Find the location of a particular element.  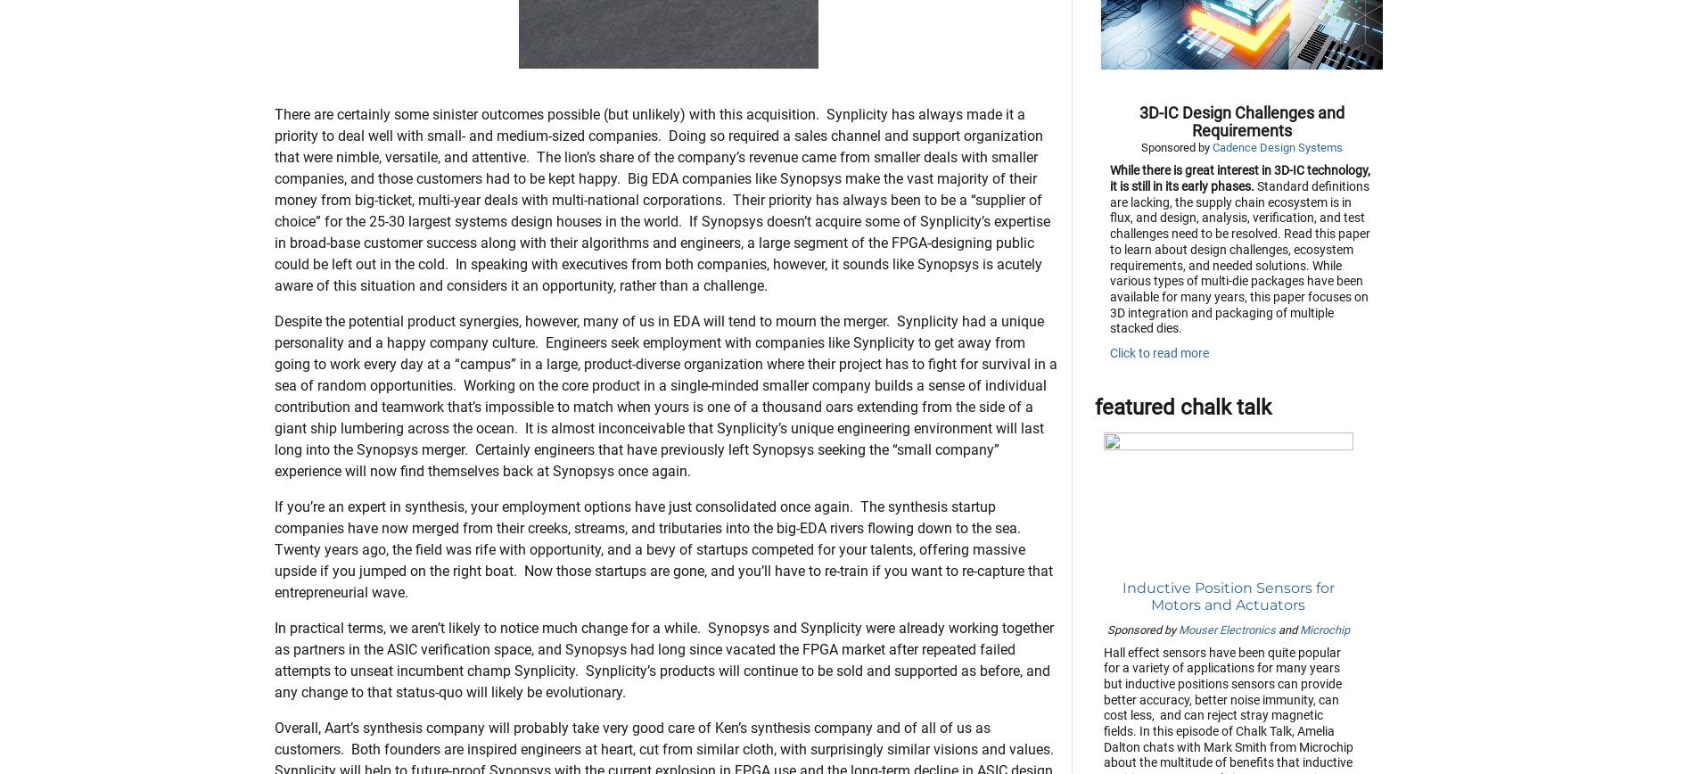

'featured chalk talk' is located at coordinates (1181, 496).